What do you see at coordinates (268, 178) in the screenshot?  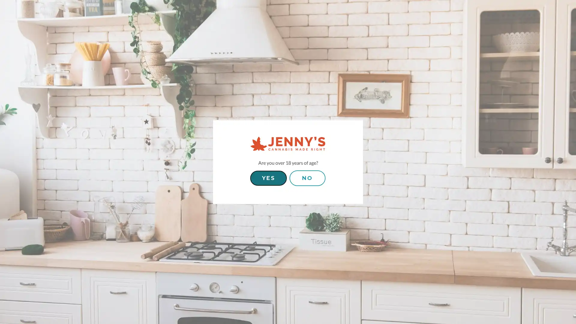 I see `YES` at bounding box center [268, 178].